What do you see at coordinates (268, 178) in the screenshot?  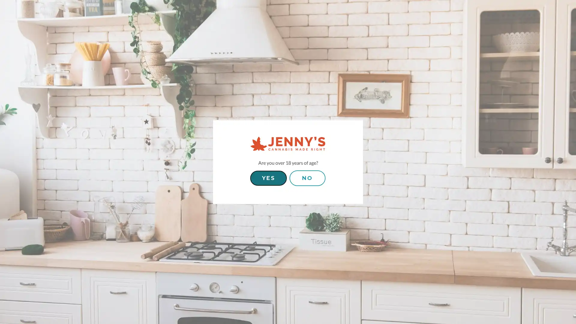 I see `YES` at bounding box center [268, 178].